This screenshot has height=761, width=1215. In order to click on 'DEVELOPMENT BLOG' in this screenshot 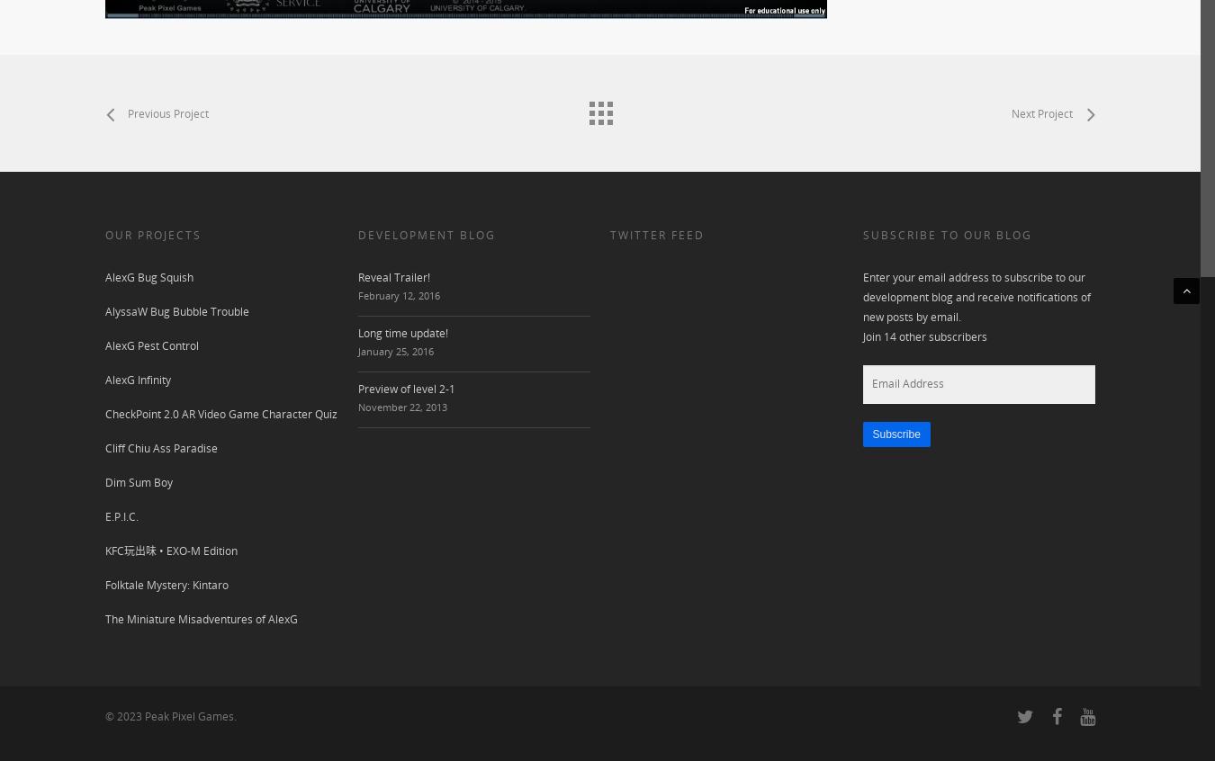, I will do `click(425, 235)`.